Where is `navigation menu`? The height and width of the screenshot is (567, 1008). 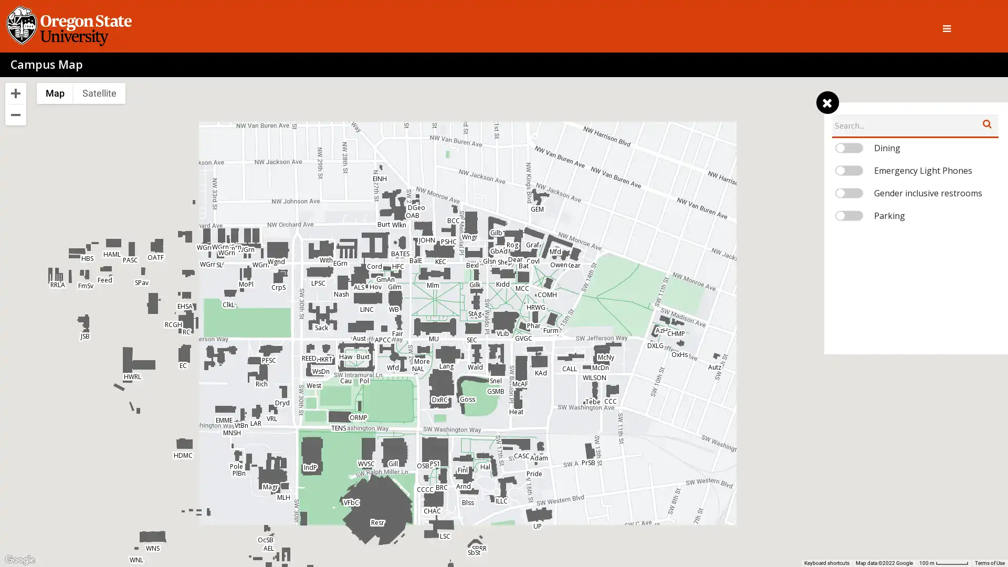 navigation menu is located at coordinates (826, 103).